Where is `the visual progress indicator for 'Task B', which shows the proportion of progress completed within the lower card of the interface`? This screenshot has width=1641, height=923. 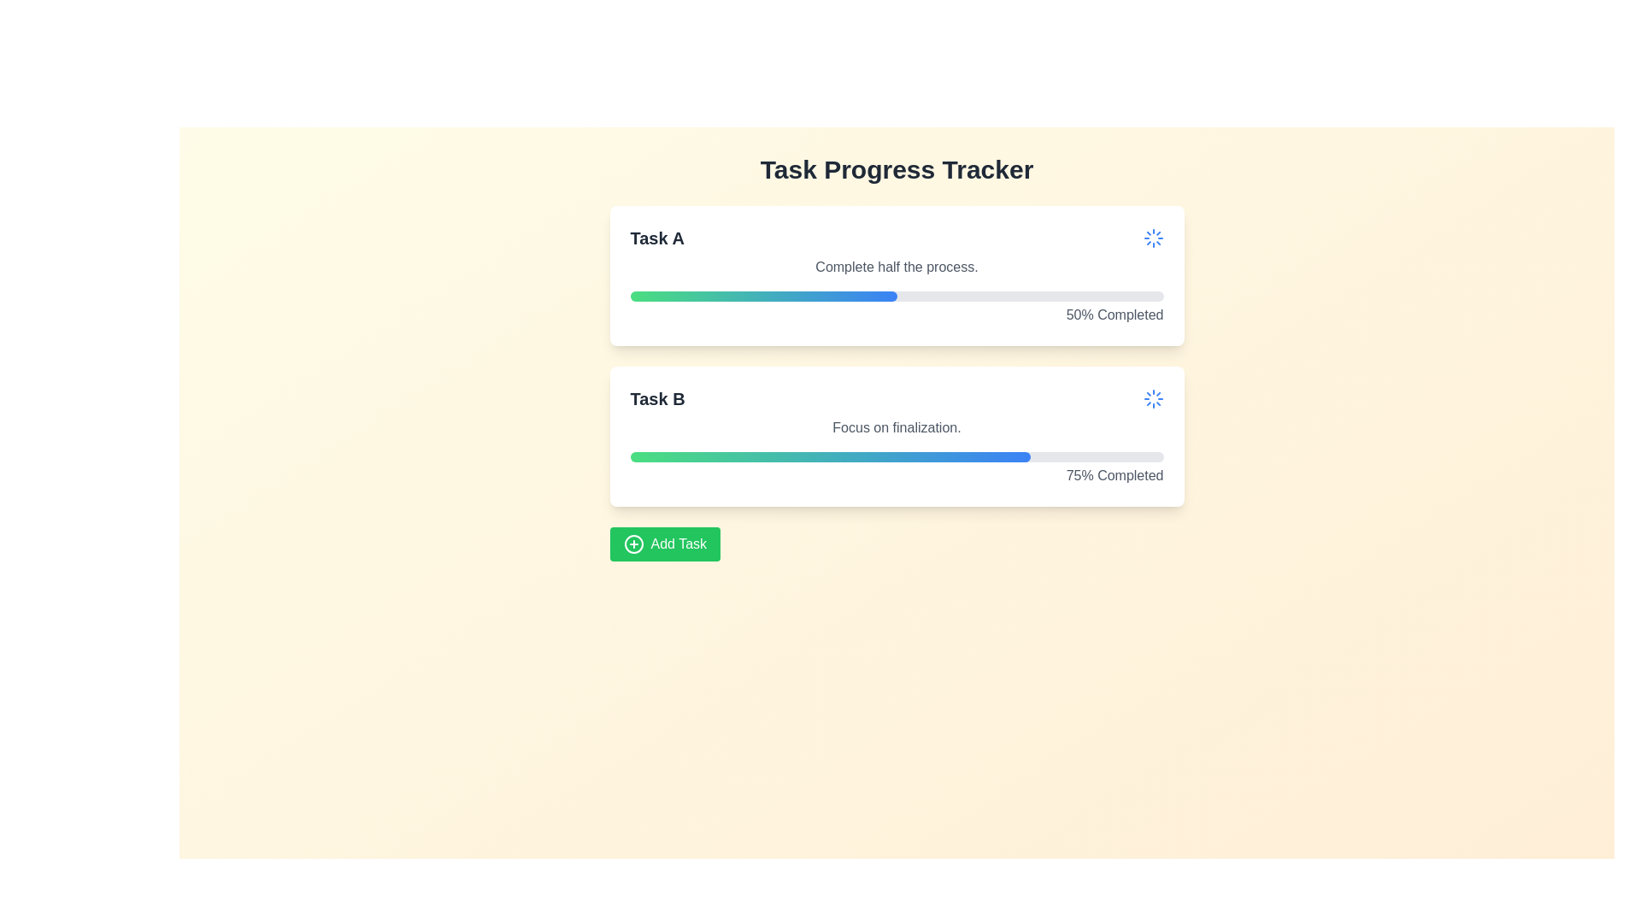
the visual progress indicator for 'Task B', which shows the proportion of progress completed within the lower card of the interface is located at coordinates (830, 456).